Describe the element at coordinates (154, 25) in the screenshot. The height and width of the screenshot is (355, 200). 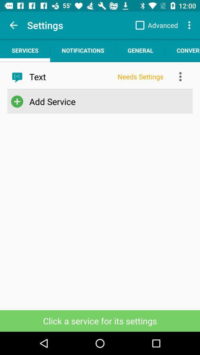
I see `app to the right of settings item` at that location.